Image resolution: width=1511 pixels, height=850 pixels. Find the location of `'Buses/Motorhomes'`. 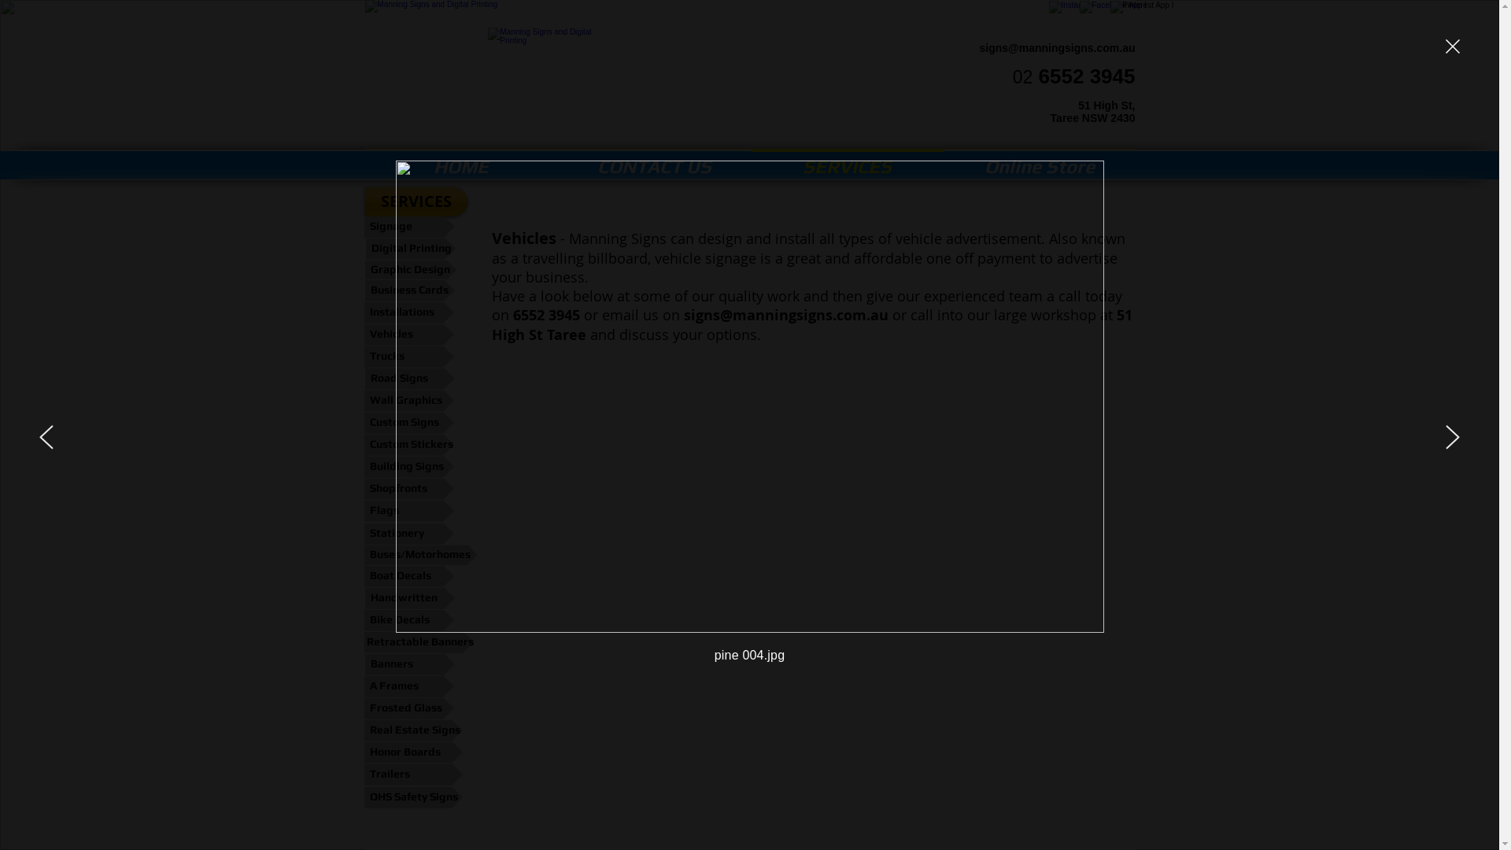

'Buses/Motorhomes' is located at coordinates (419, 553).